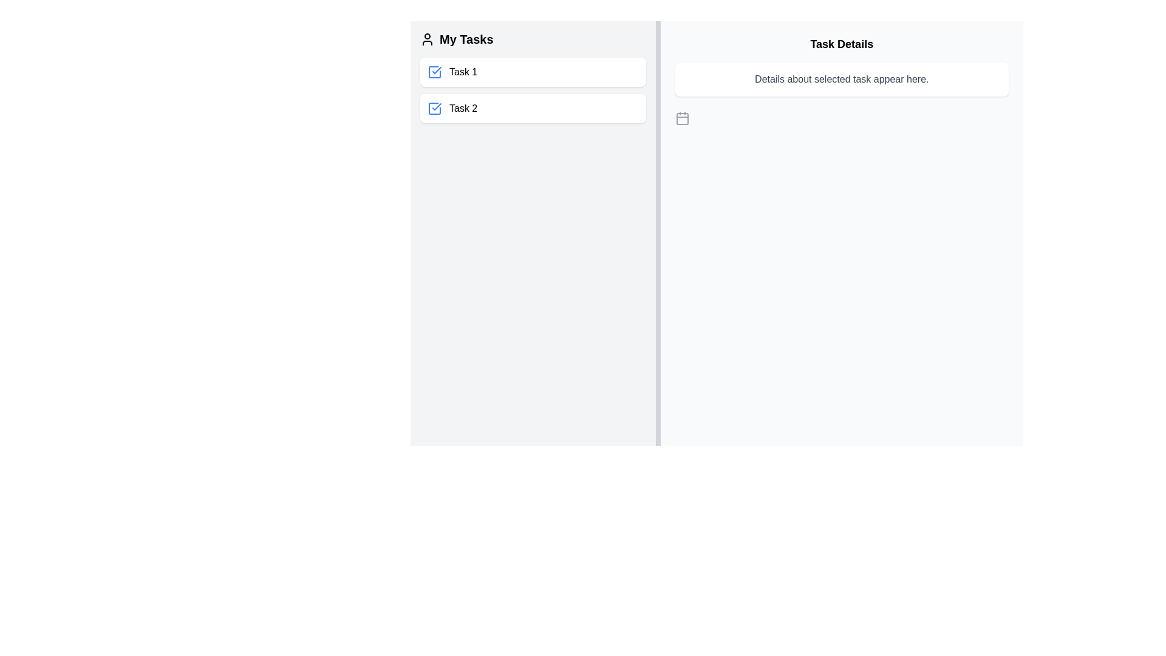 Image resolution: width=1166 pixels, height=656 pixels. Describe the element at coordinates (682, 119) in the screenshot. I see `the rounded rectangle component of the calendar icon, which is located below the 'Task Details' heading on the right panel of the interface` at that location.